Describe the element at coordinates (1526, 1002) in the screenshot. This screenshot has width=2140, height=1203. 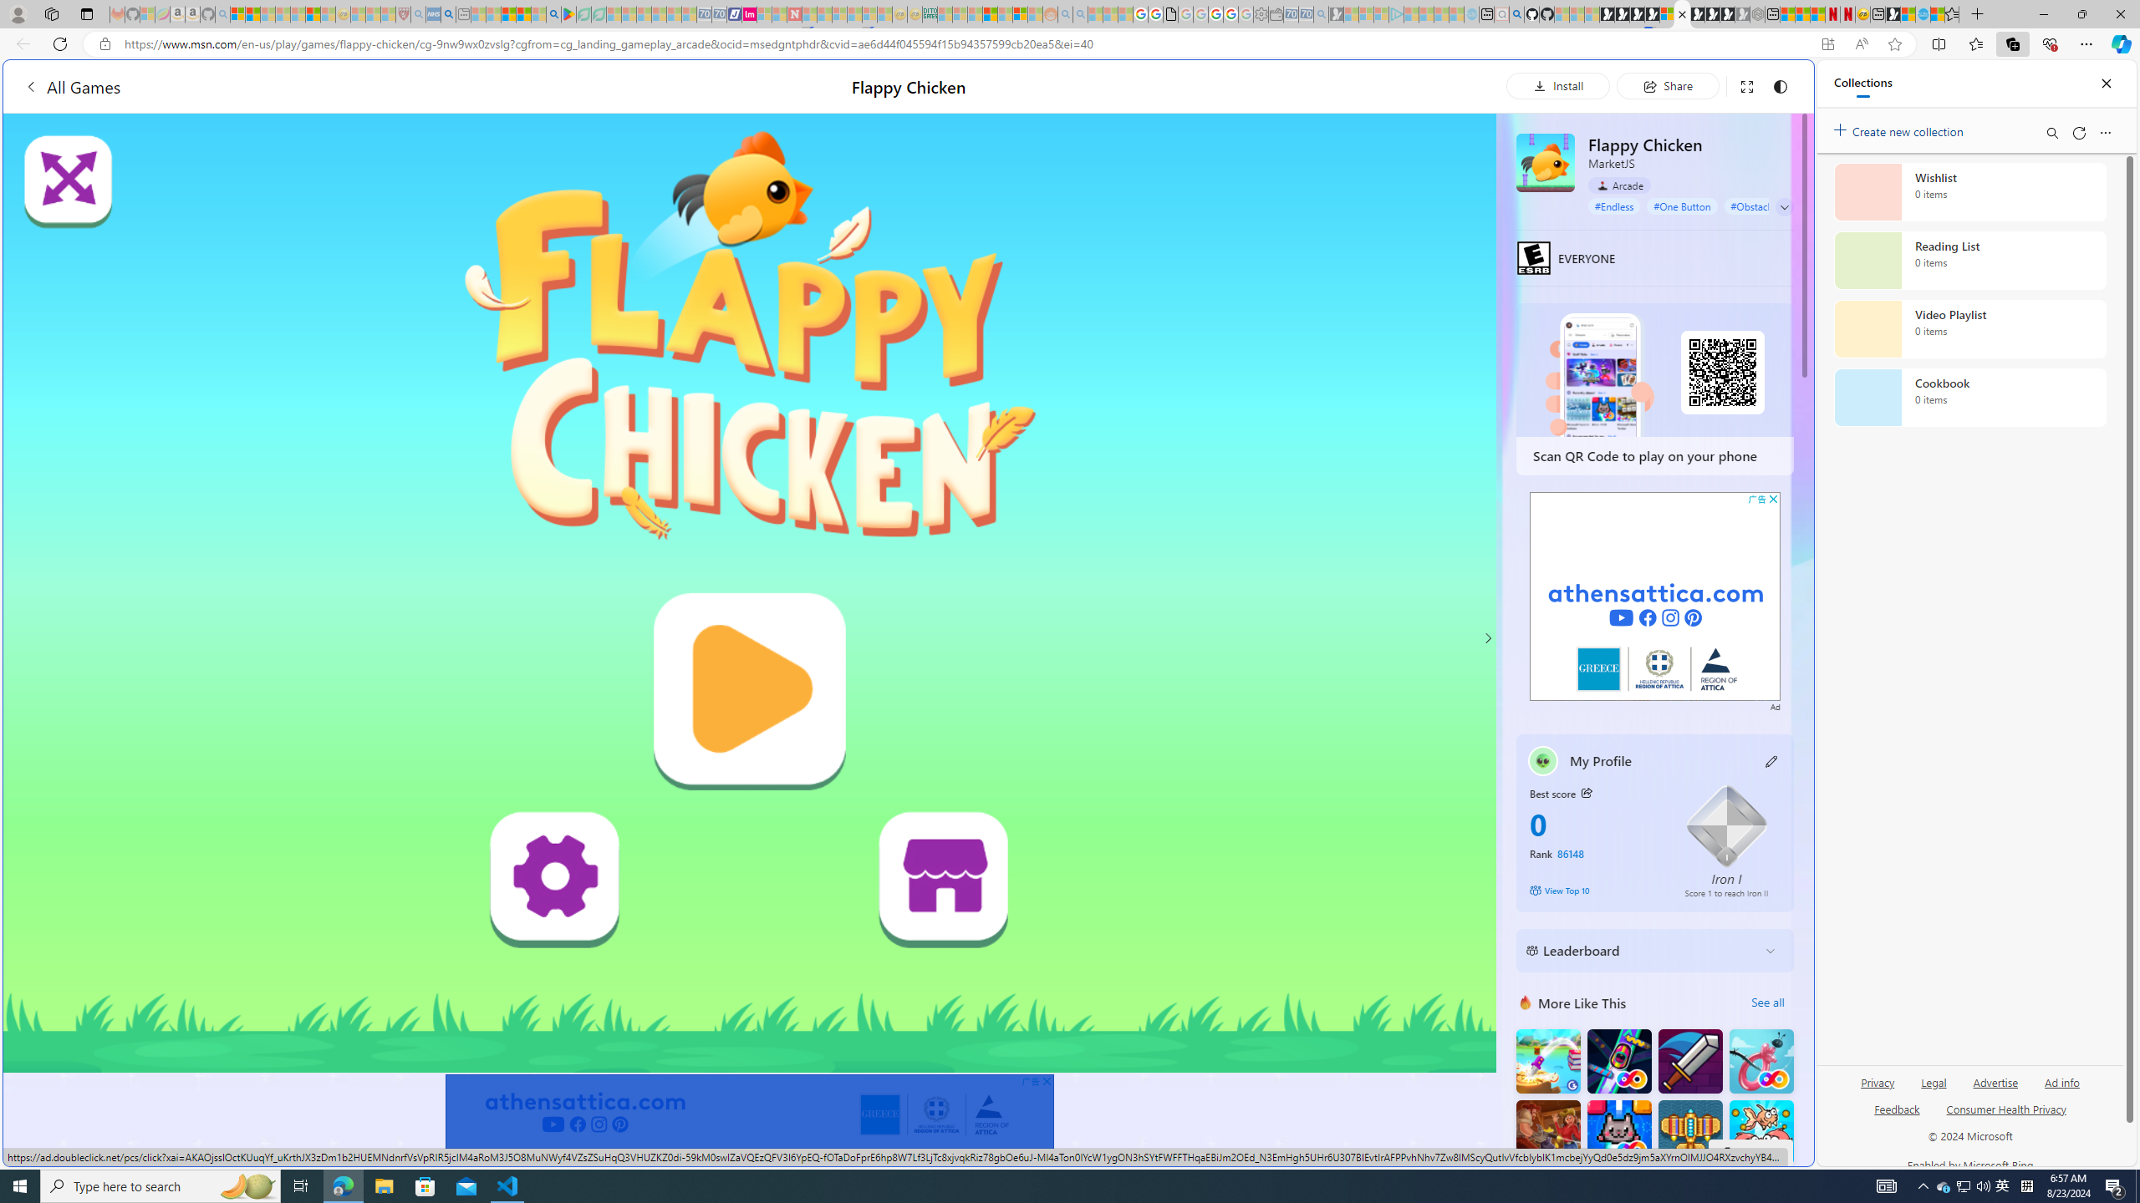
I see `'More Like This'` at that location.